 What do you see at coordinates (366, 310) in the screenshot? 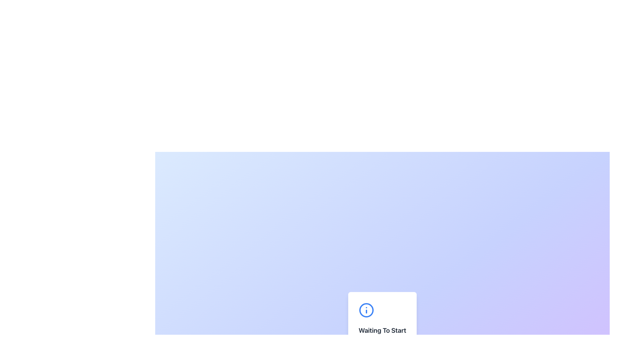
I see `the circular SVG graphical element with a blue stroke, which is centered within the icon containing an 'i' symbol located at the bottom right corner above the text 'Waiting` at bounding box center [366, 310].